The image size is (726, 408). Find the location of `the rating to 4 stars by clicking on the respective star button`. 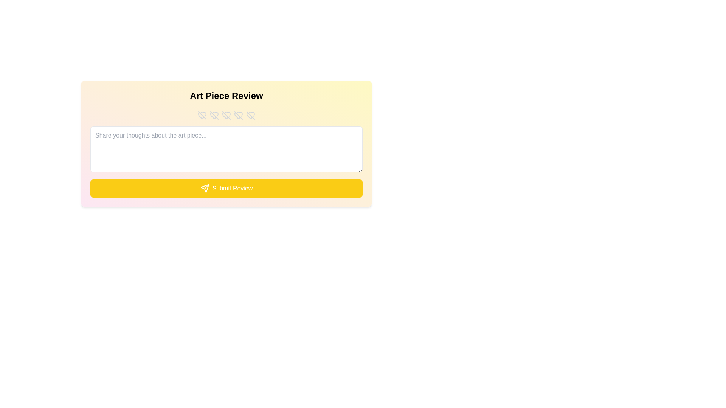

the rating to 4 stars by clicking on the respective star button is located at coordinates (238, 115).